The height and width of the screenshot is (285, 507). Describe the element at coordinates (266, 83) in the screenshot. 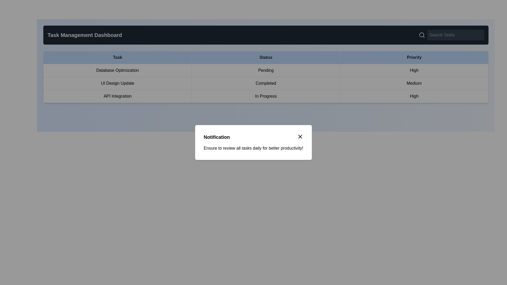

I see `the status label indicating the completion status of the 'UI Design Update' task, which is located in the middle cell of the 'Status' column in the table` at that location.